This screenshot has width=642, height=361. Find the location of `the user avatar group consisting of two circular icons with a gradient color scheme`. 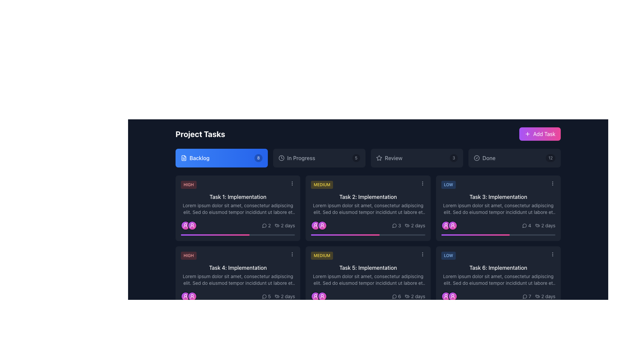

the user avatar group consisting of two circular icons with a gradient color scheme is located at coordinates (449, 226).